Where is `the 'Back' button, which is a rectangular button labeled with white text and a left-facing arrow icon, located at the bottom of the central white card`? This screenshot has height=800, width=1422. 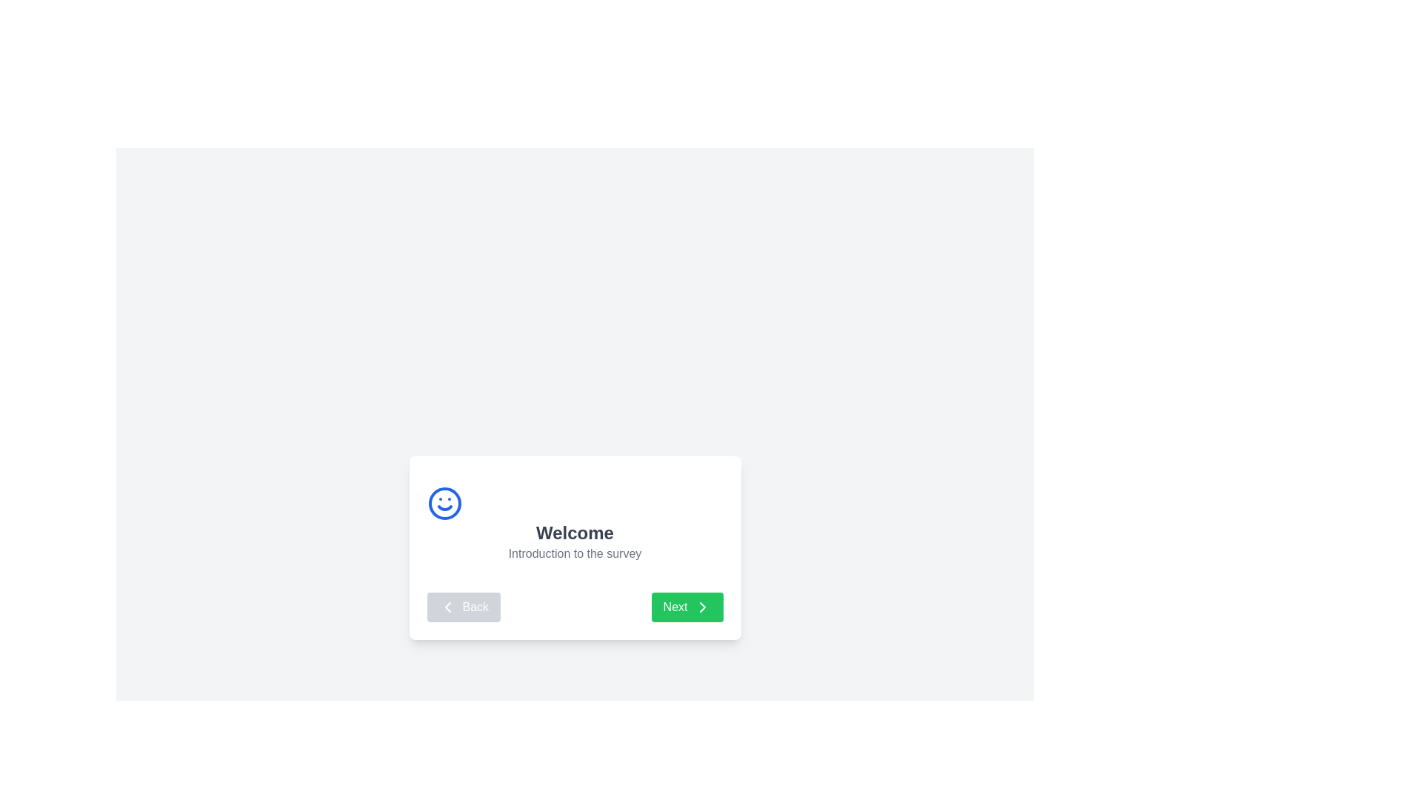 the 'Back' button, which is a rectangular button labeled with white text and a left-facing arrow icon, located at the bottom of the central white card is located at coordinates (463, 607).